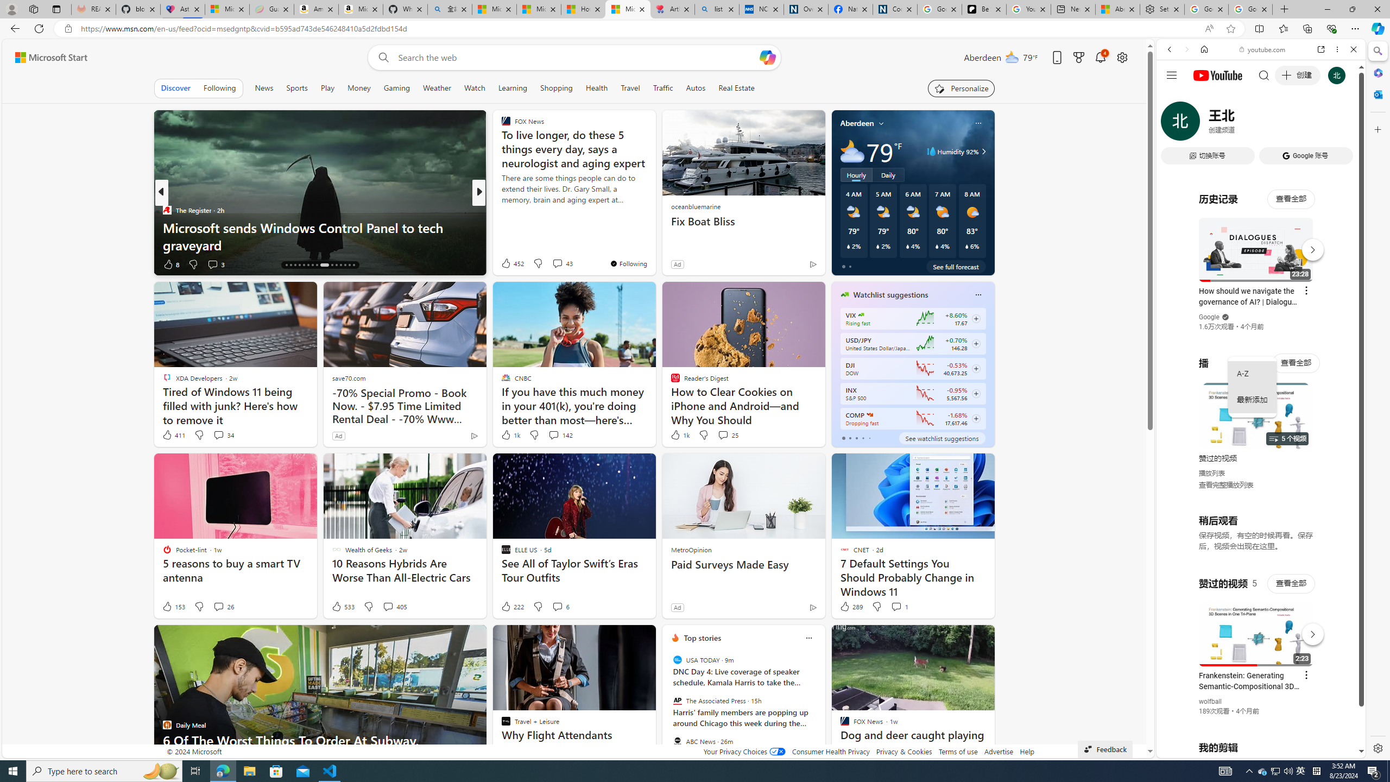 The height and width of the screenshot is (782, 1390). I want to click on 'Class: weather-current-precipitation-glyph', so click(966, 245).